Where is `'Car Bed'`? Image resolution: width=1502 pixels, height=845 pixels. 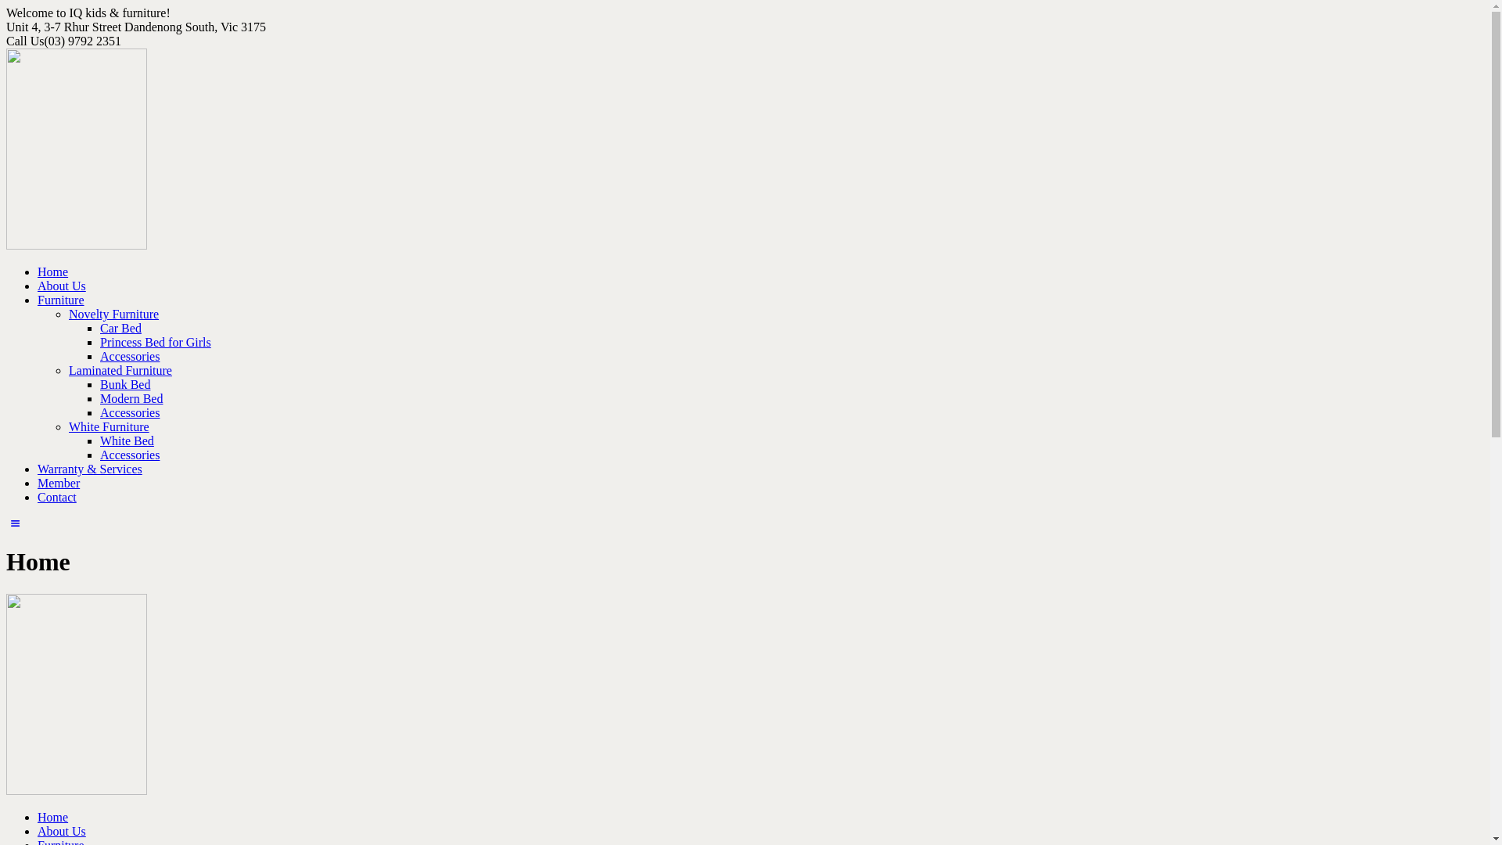
'Car Bed' is located at coordinates (120, 327).